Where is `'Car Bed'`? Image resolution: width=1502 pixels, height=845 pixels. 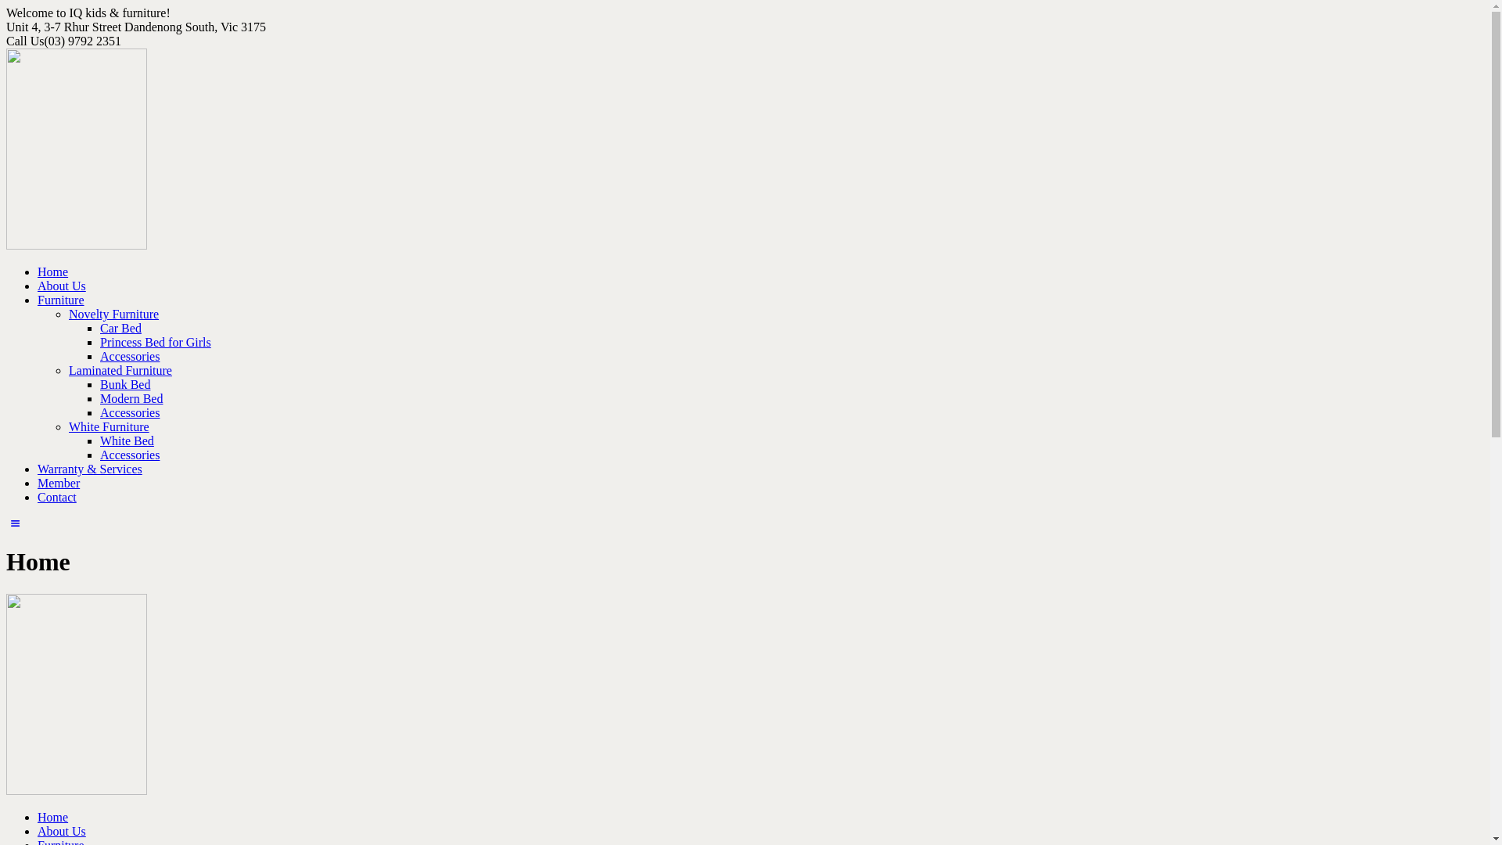
'Car Bed' is located at coordinates (120, 327).